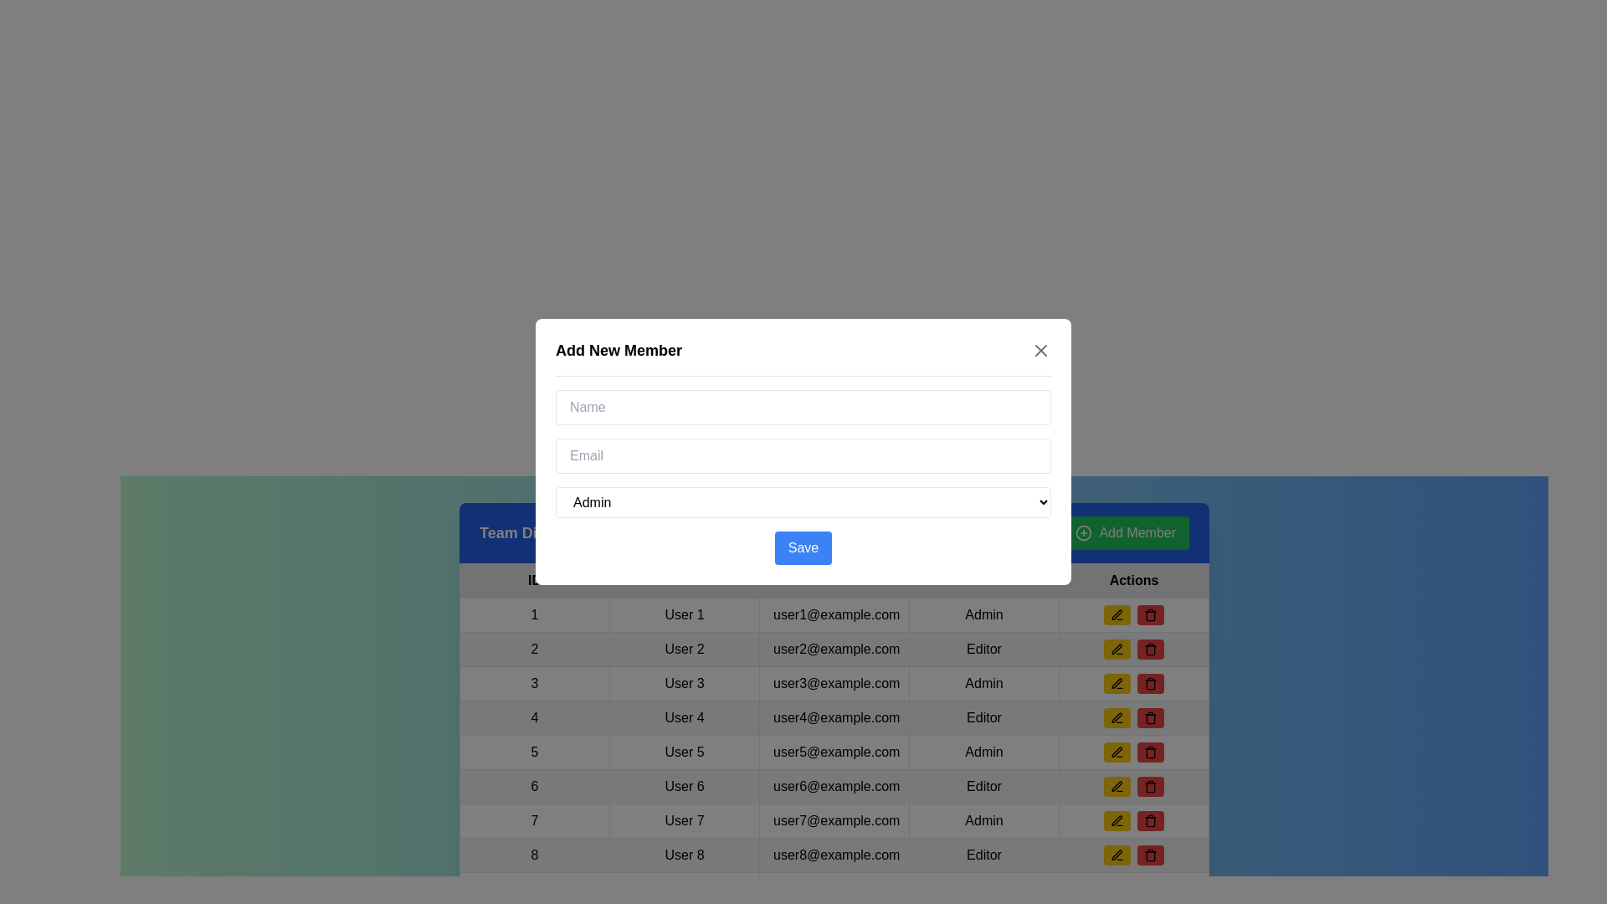  What do you see at coordinates (1117, 648) in the screenshot?
I see `the pen icon located in the Actions column of the table for User 2` at bounding box center [1117, 648].